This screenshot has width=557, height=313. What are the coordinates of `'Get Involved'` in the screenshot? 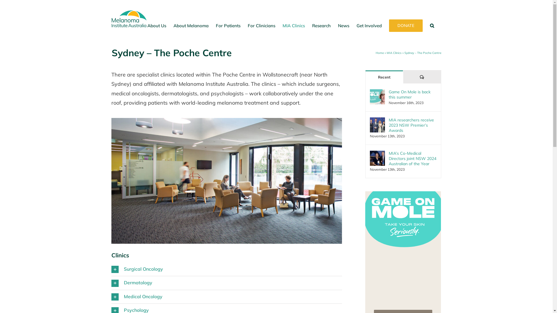 It's located at (368, 25).